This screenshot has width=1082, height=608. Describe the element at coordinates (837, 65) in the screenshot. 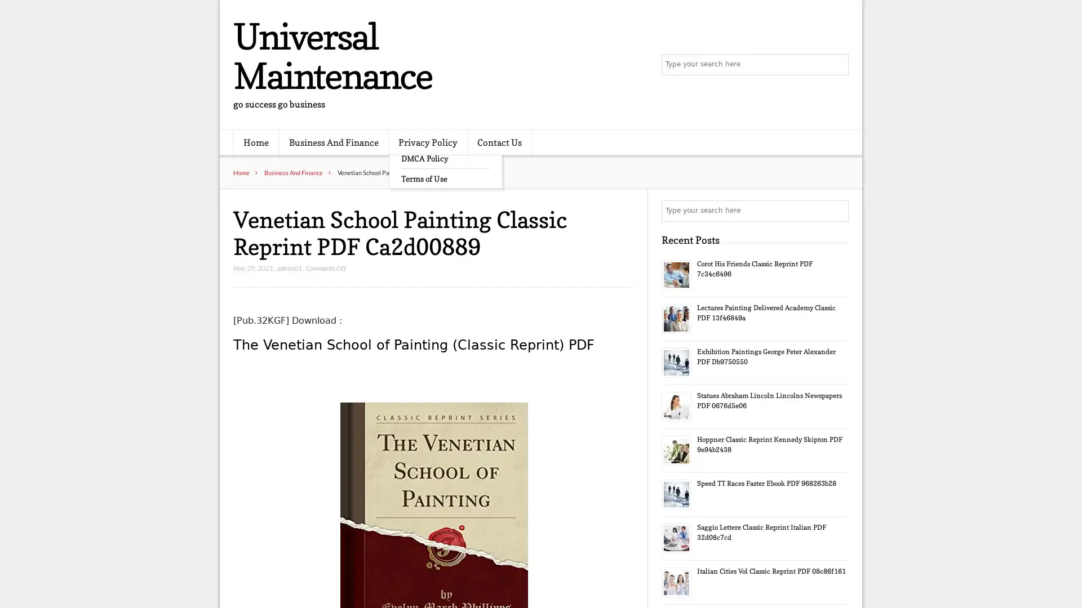

I see `Search` at that location.